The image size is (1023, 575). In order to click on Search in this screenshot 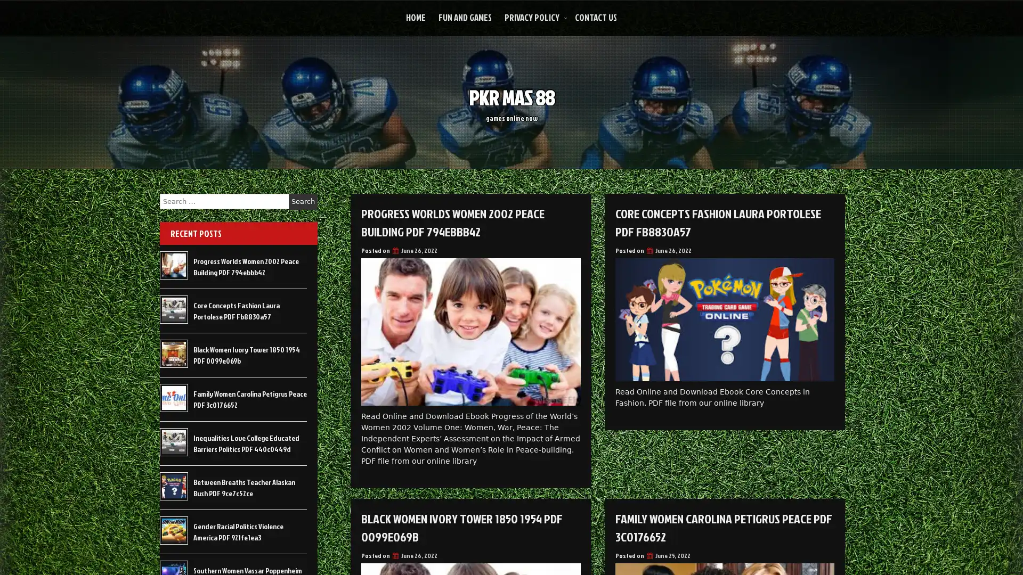, I will do `click(303, 201)`.